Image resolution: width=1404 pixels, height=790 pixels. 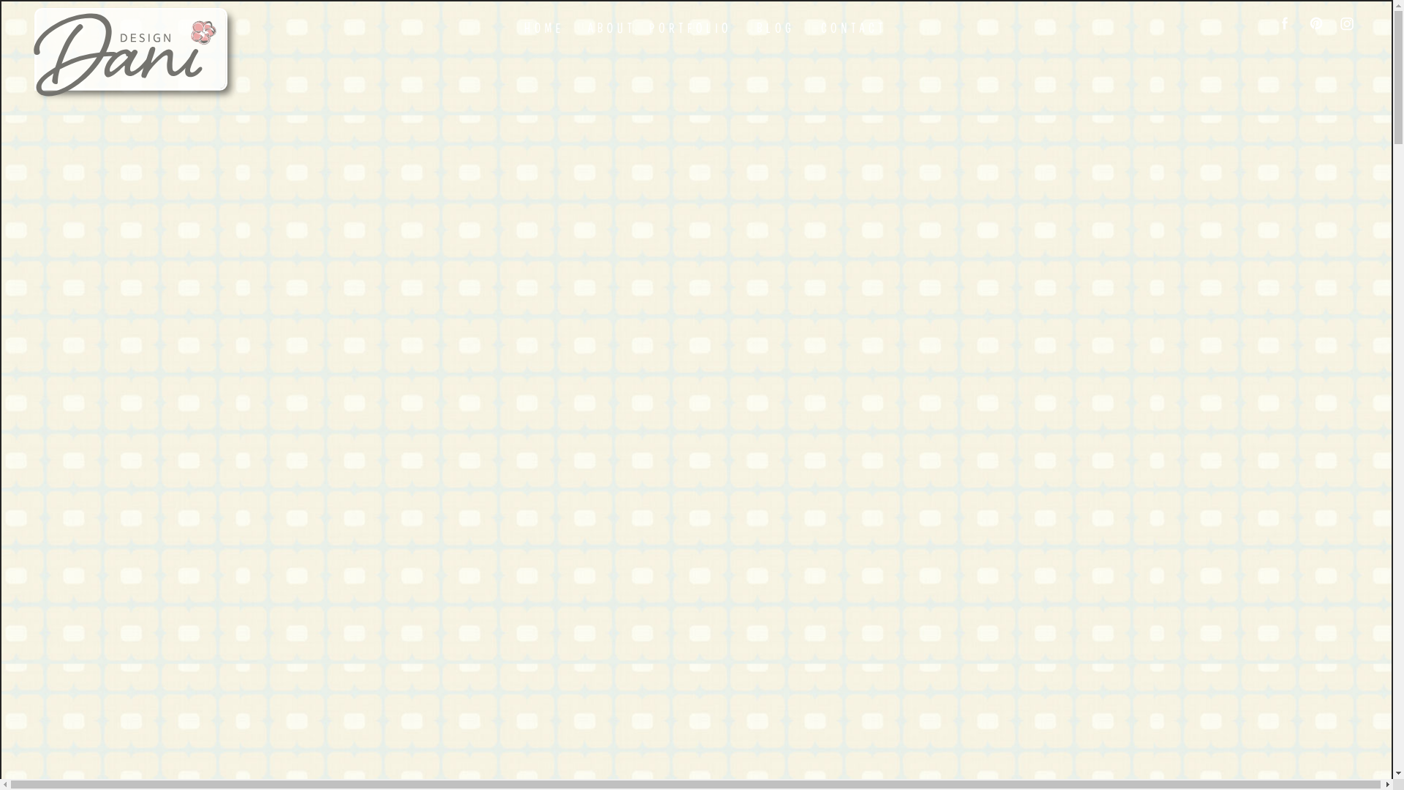 What do you see at coordinates (543, 28) in the screenshot?
I see `'HOME'` at bounding box center [543, 28].